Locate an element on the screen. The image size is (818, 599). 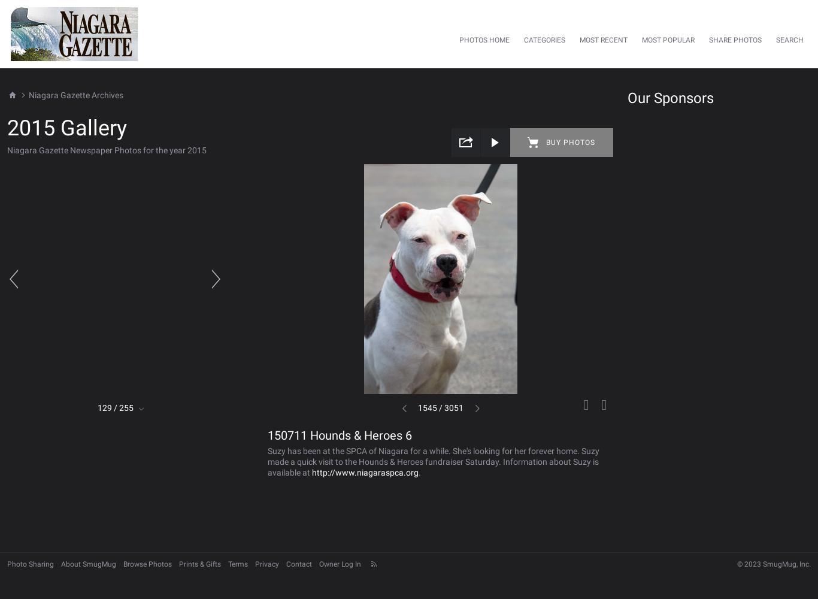
'Niagara Gazette Newspaper Photos for the year 2015' is located at coordinates (106, 150).